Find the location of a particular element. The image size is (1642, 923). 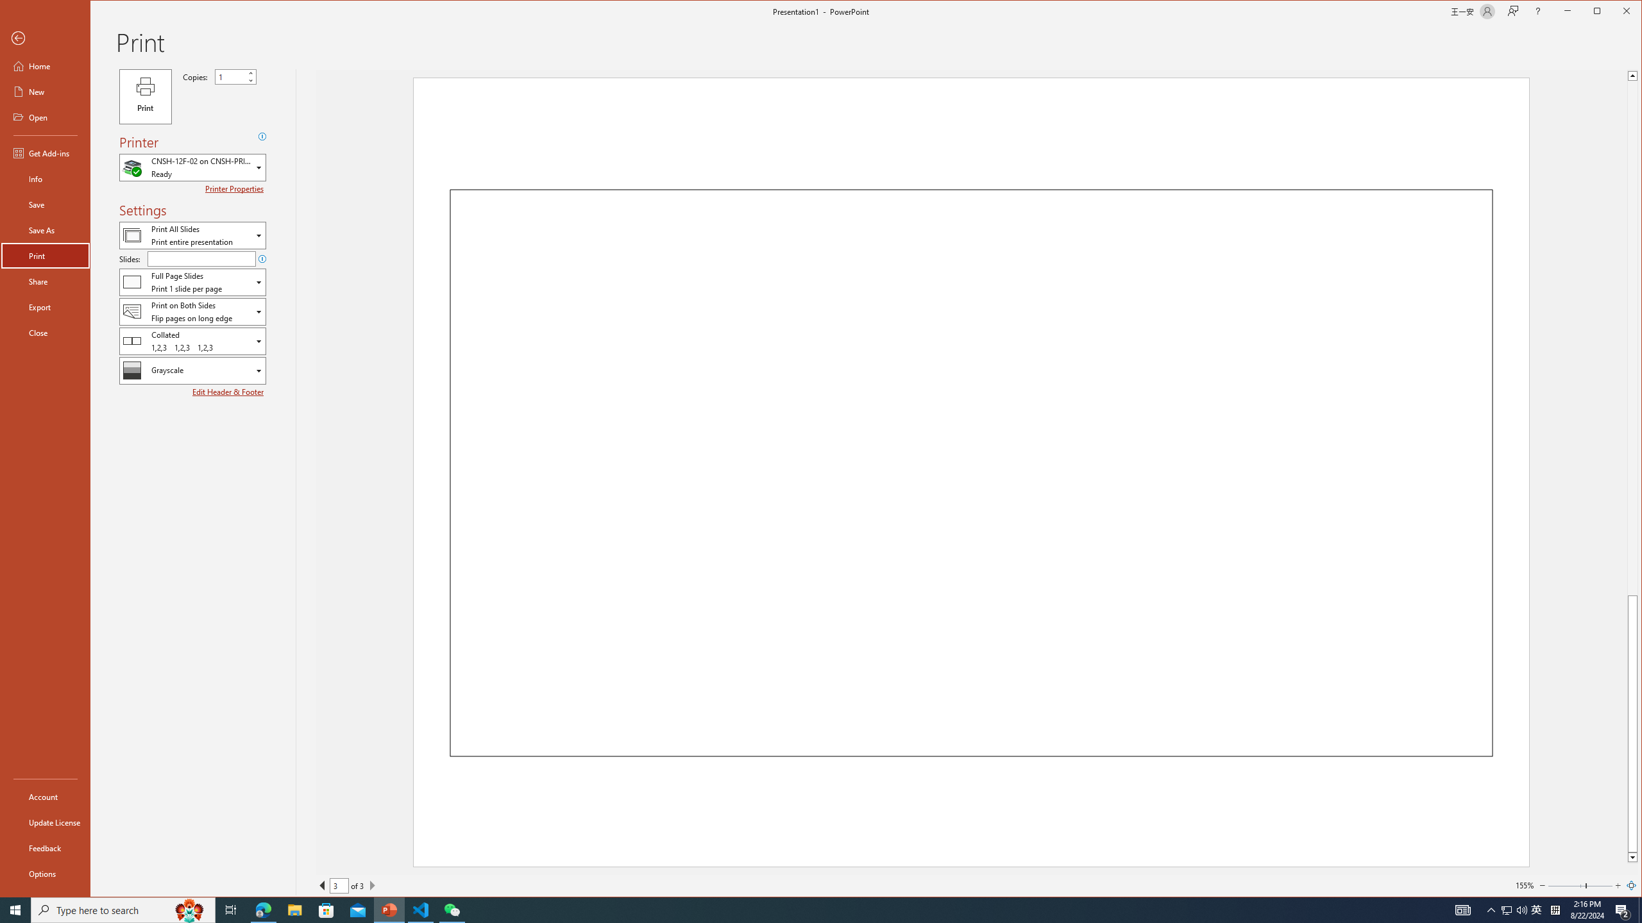

'Current Page' is located at coordinates (338, 885).